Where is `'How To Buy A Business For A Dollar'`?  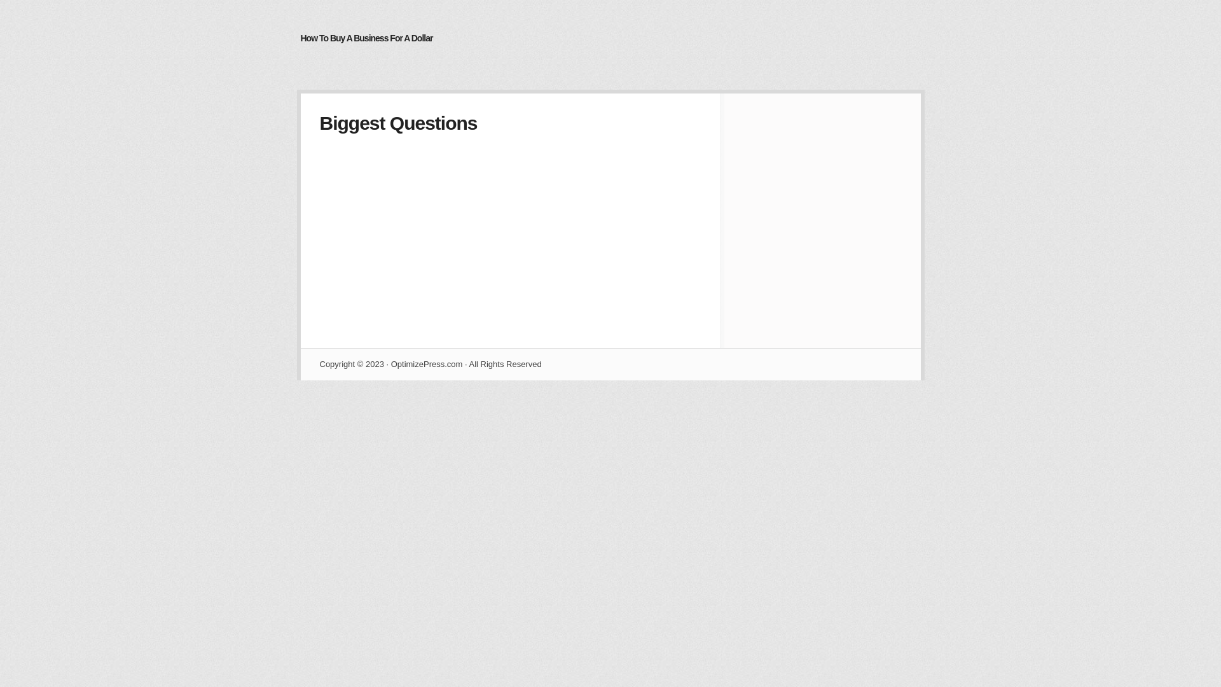
'How To Buy A Business For A Dollar' is located at coordinates (366, 38).